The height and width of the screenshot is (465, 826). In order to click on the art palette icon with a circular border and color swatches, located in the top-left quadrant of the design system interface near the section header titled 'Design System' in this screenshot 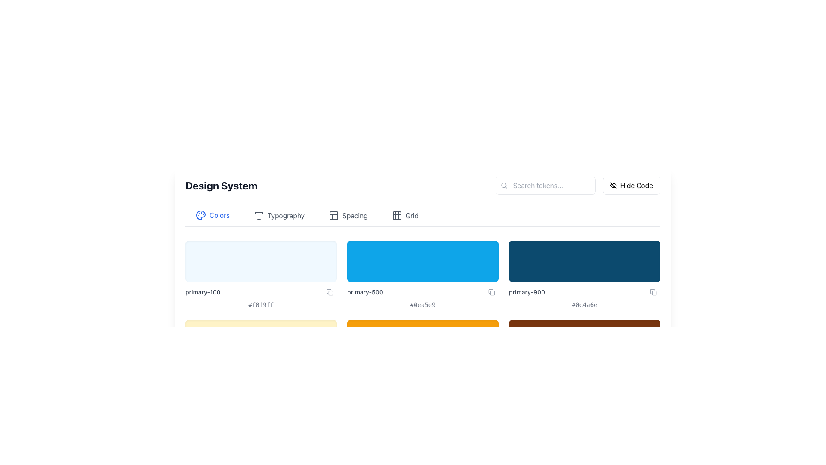, I will do `click(200, 215)`.